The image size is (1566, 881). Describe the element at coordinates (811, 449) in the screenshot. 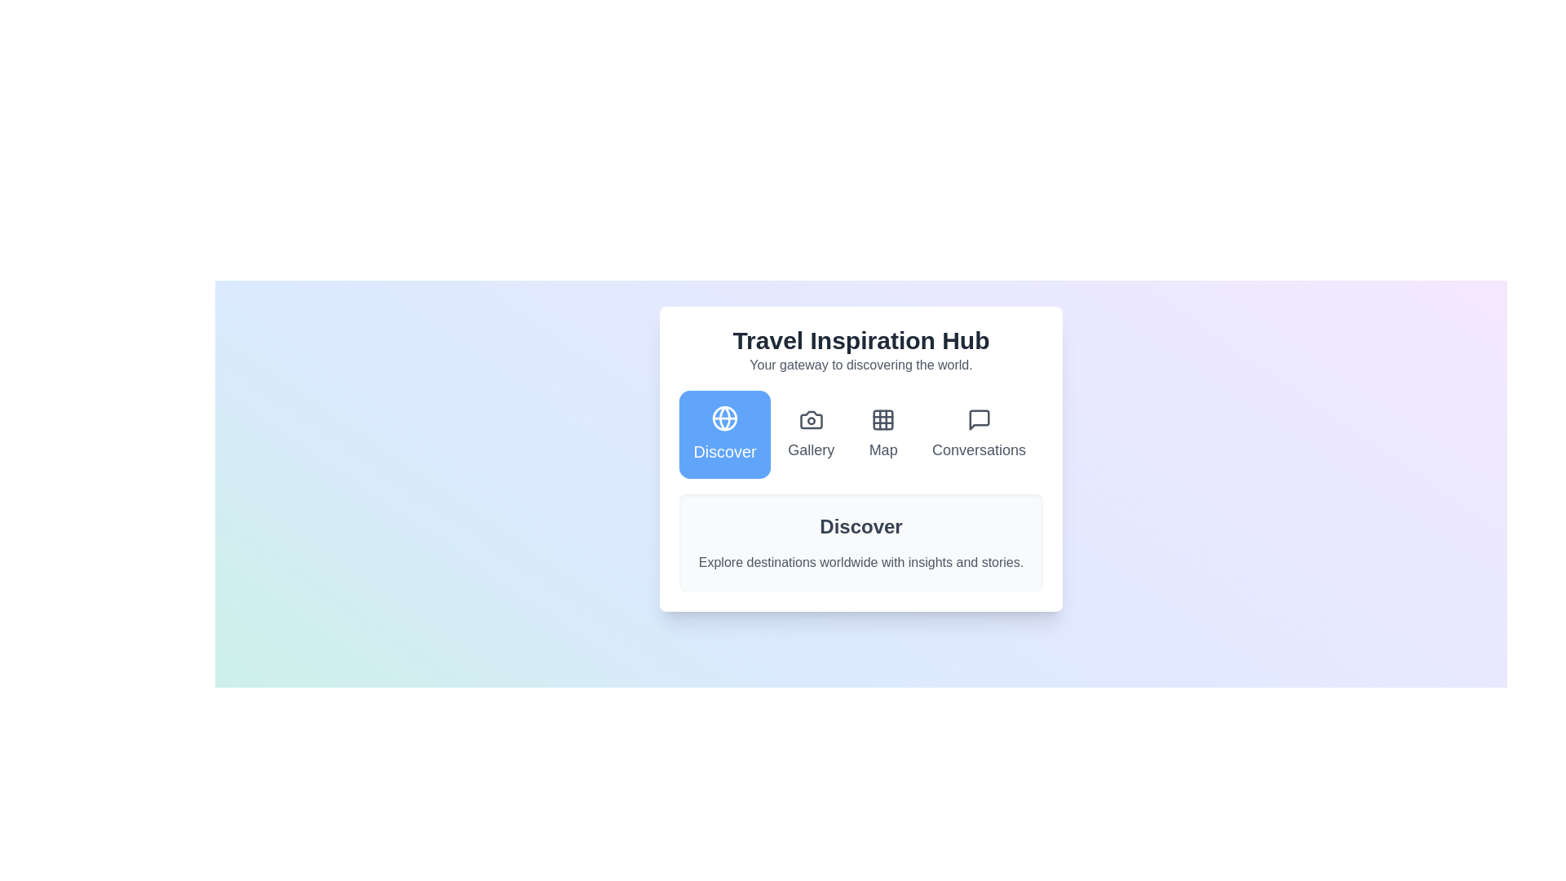

I see `the Gallery text label, which is positioned under a camera icon and is the second item in a horizontal set of options, located between 'Discover' and 'Map'` at that location.